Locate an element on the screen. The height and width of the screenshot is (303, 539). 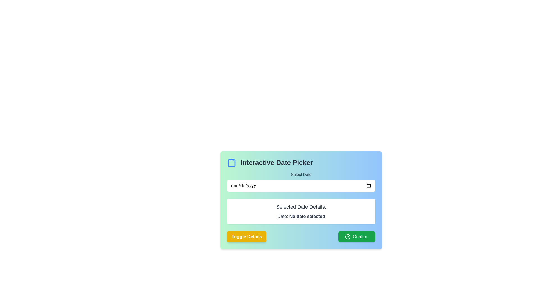
the descriptive text displaying 'Date: No date selected' located under the 'Selected Date Details:' section is located at coordinates (301, 216).